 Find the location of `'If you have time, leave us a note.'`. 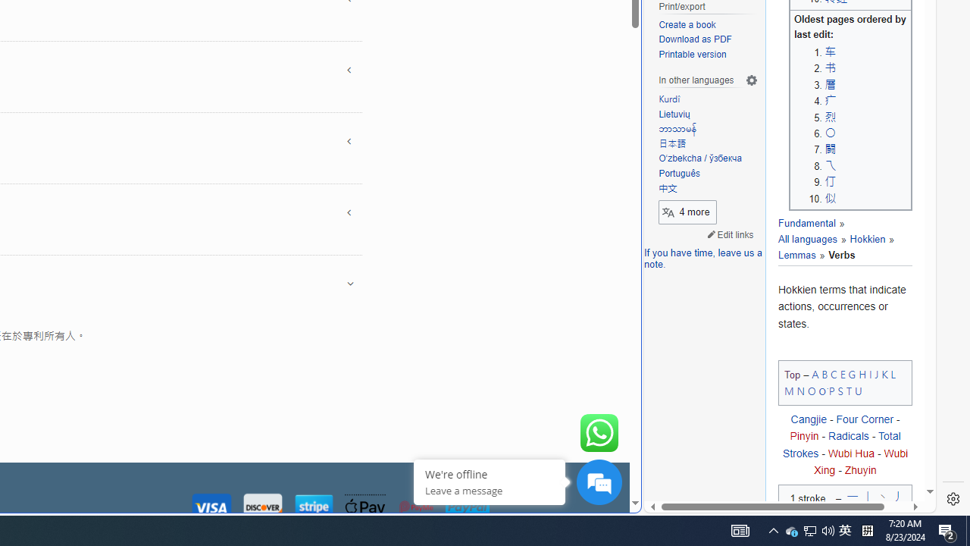

'If you have time, leave us a note.' is located at coordinates (702, 258).